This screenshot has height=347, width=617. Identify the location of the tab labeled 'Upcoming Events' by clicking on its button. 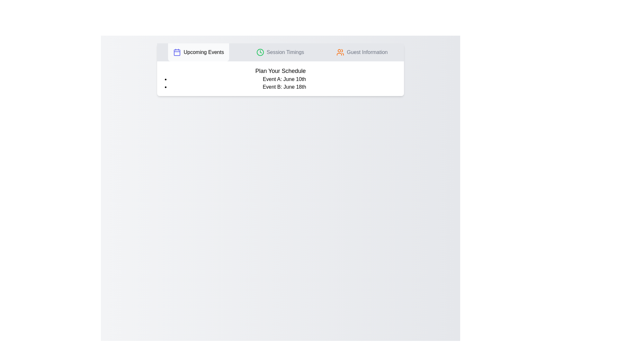
(198, 52).